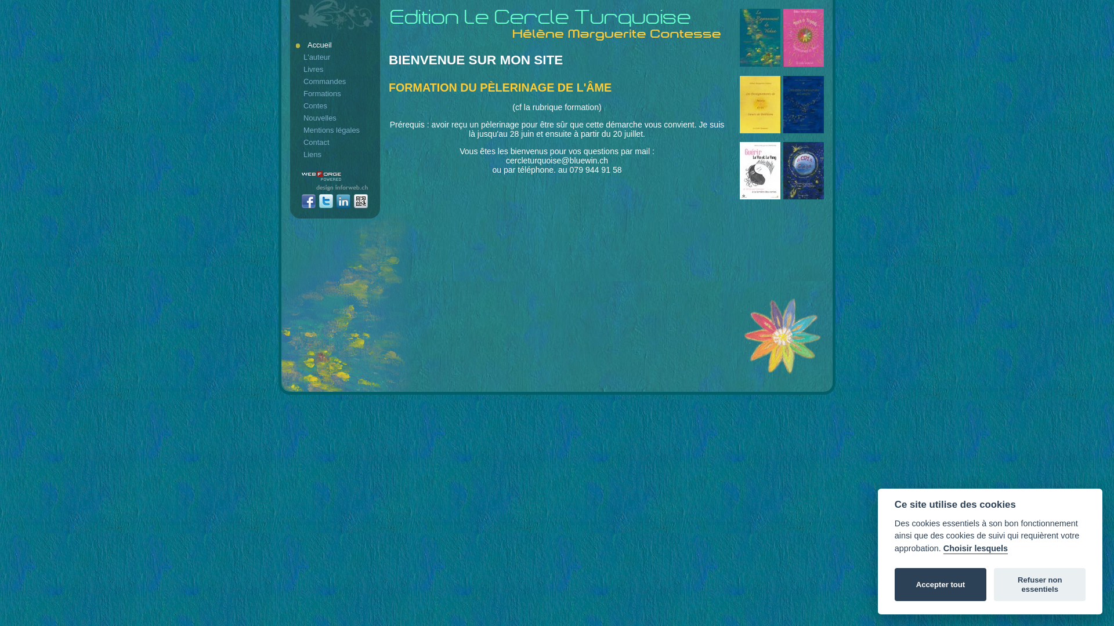  Describe the element at coordinates (301, 176) in the screenshot. I see `'Modifier son site internet avec WebForge'` at that location.